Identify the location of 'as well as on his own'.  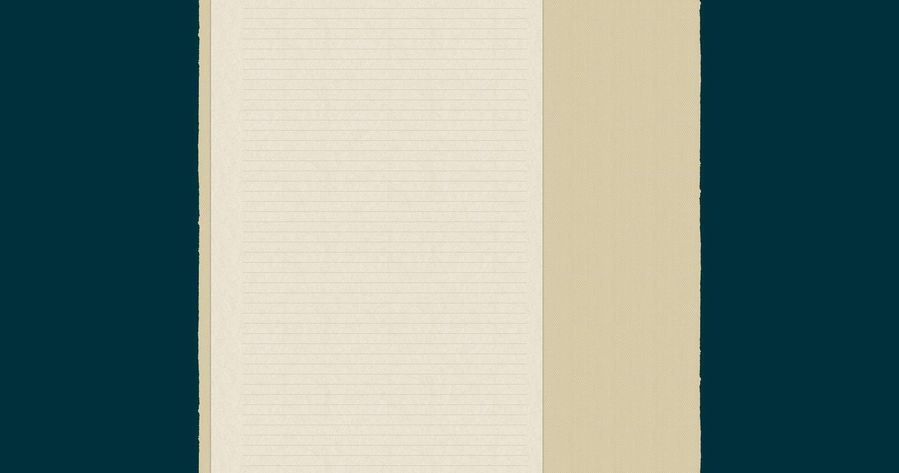
(435, 392).